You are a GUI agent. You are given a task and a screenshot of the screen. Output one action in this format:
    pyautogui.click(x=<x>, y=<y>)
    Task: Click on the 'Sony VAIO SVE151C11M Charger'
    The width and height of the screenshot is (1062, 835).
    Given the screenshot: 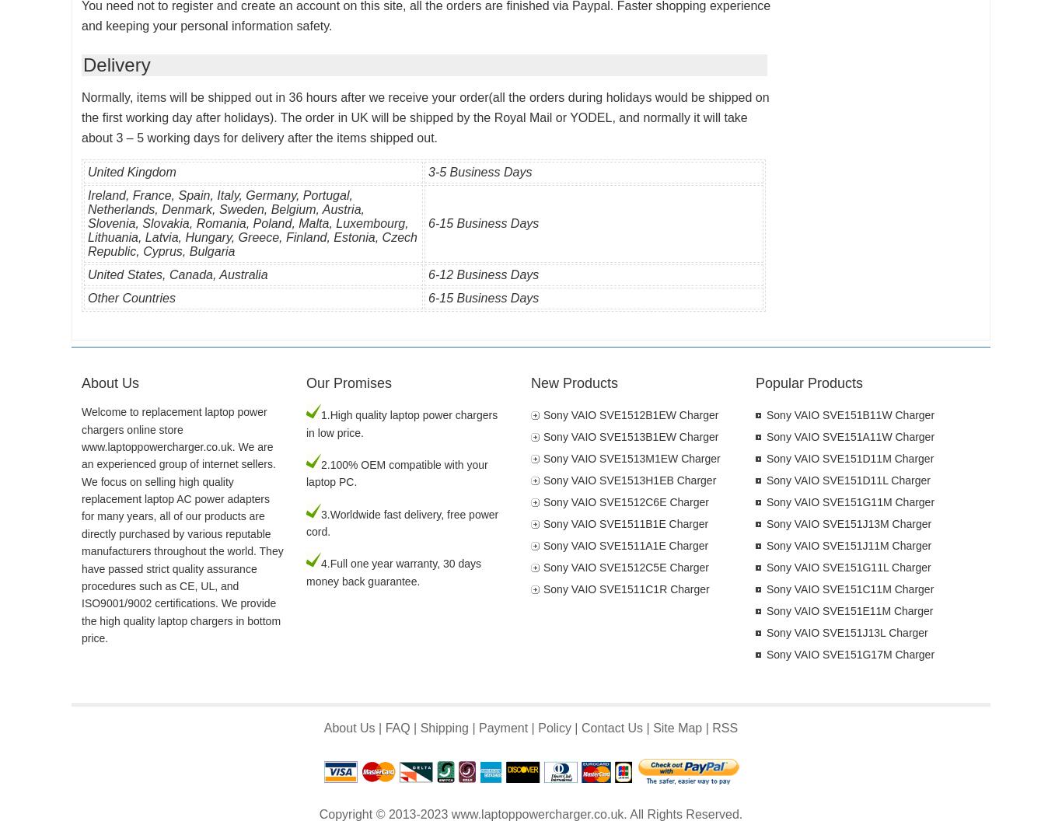 What is the action you would take?
    pyautogui.click(x=766, y=589)
    